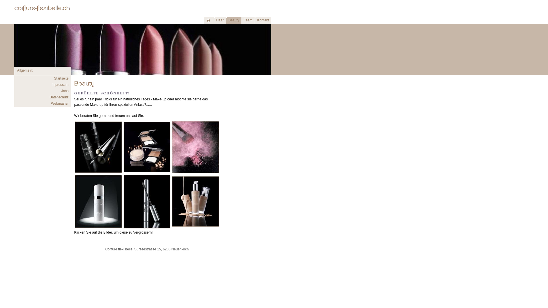 Image resolution: width=548 pixels, height=308 pixels. I want to click on 'Datenschutz', so click(59, 97).